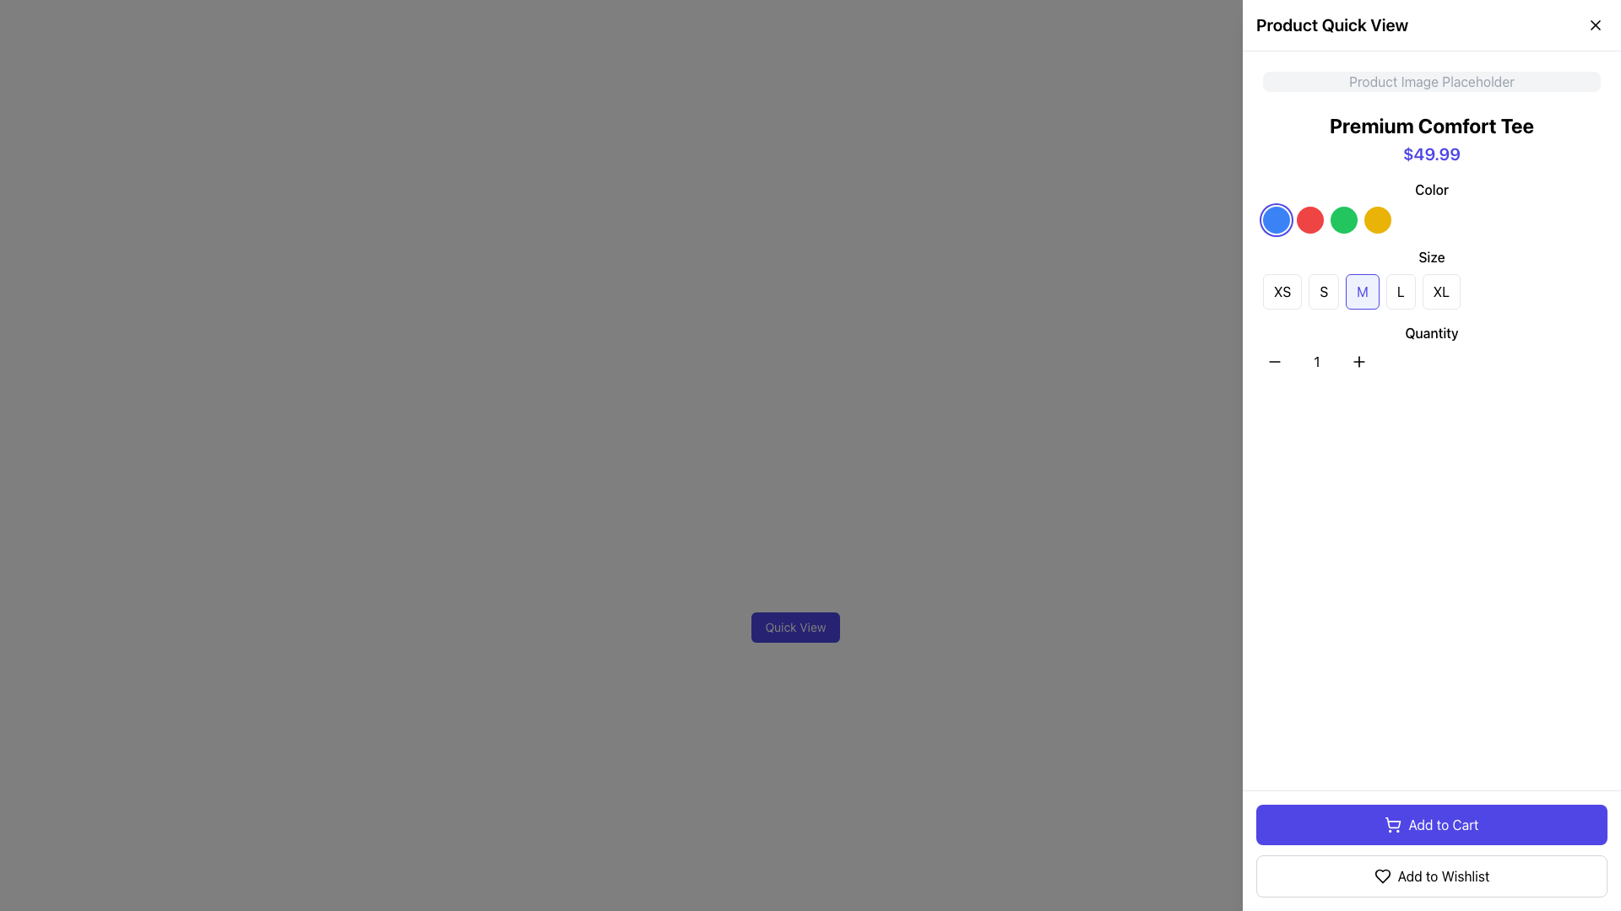 The height and width of the screenshot is (911, 1621). I want to click on the circular button with a yellow background, the fourth item in a group of four, so click(1378, 219).